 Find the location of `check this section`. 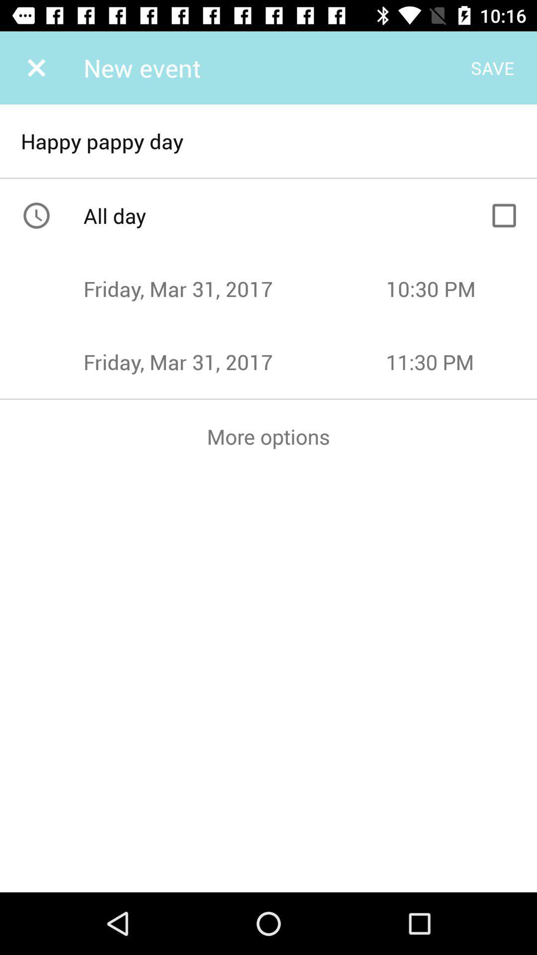

check this section is located at coordinates (504, 215).